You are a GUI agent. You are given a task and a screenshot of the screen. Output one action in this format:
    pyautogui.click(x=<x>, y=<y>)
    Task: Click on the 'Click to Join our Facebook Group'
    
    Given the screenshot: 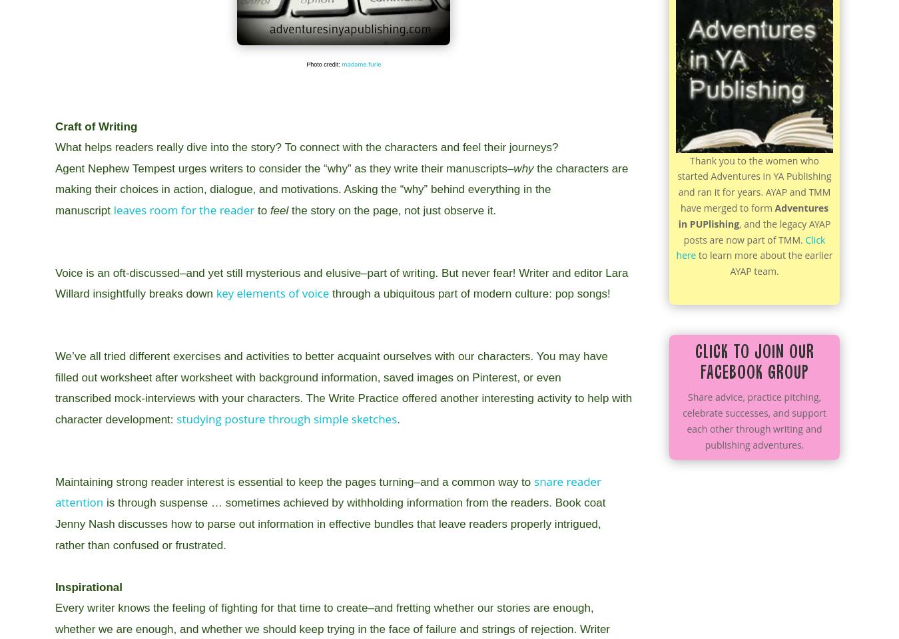 What is the action you would take?
    pyautogui.click(x=695, y=362)
    